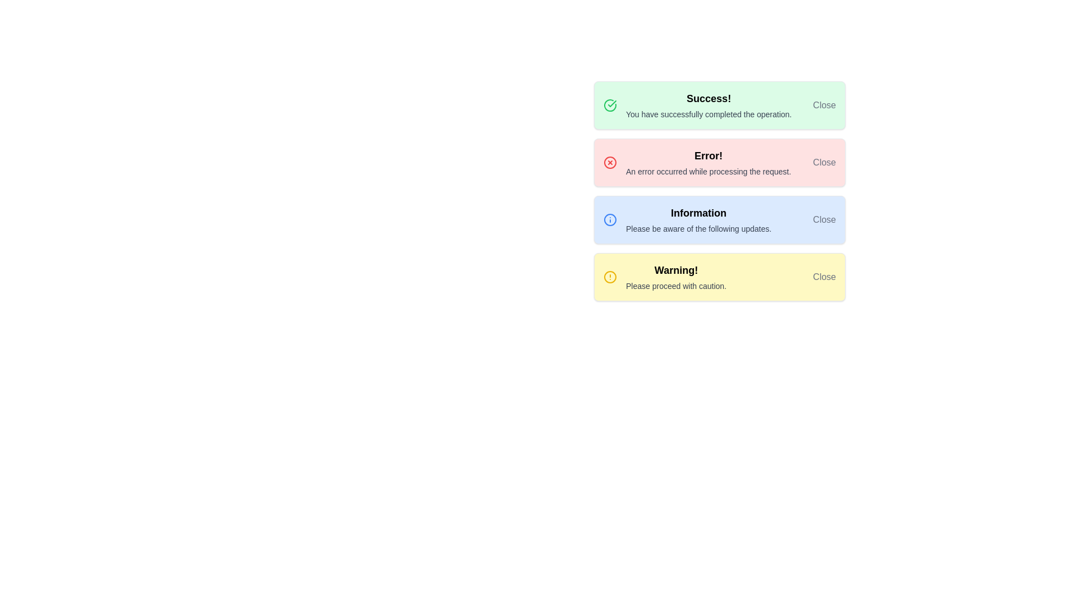 This screenshot has width=1078, height=606. Describe the element at coordinates (609, 220) in the screenshot. I see `the informational indicator icon located within the blue 'Information' notification box, positioned at the leftmost side before the text 'Information', which is the third notification element from the top` at that location.